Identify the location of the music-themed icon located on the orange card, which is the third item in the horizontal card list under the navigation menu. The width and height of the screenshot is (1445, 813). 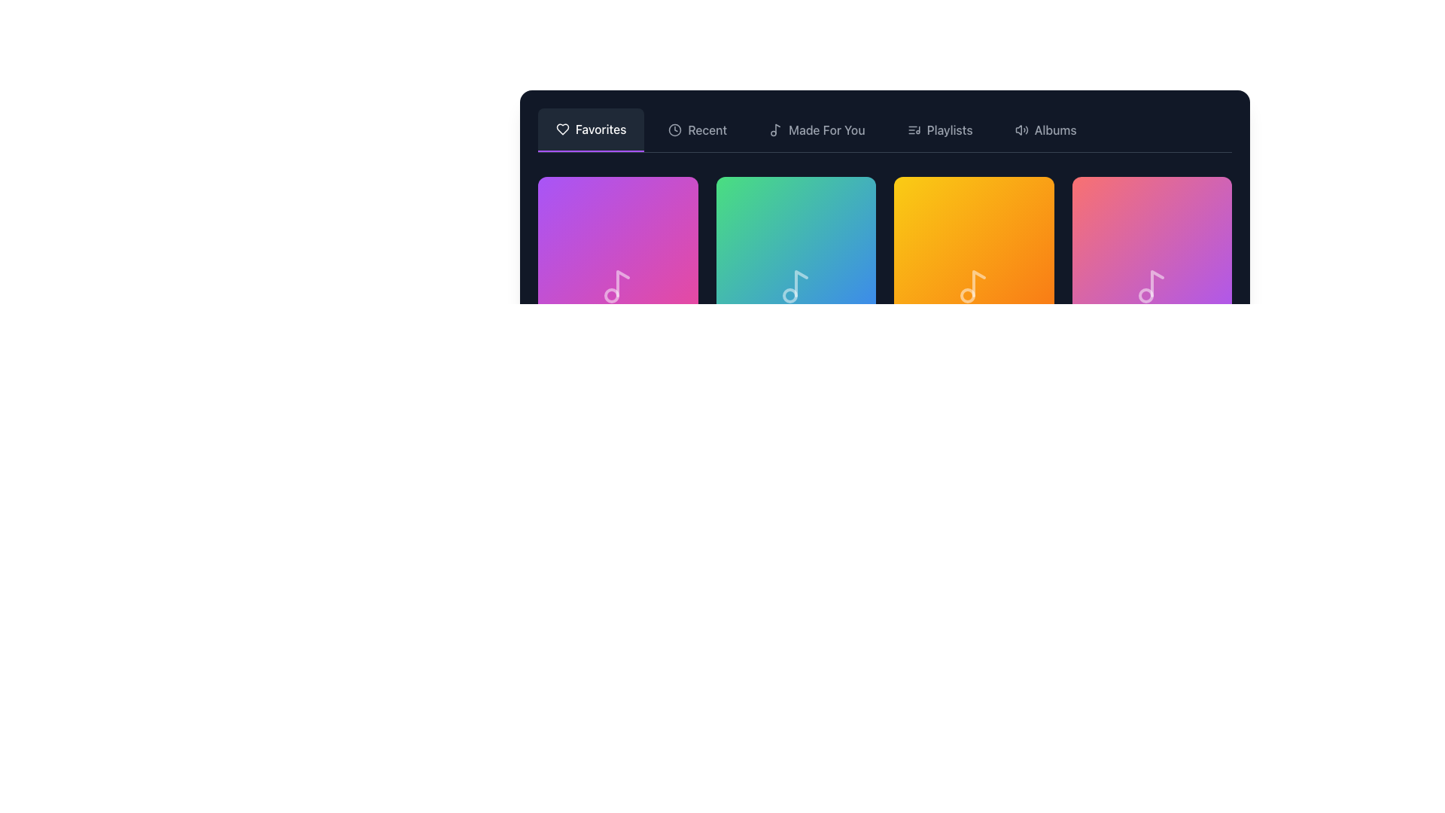
(974, 287).